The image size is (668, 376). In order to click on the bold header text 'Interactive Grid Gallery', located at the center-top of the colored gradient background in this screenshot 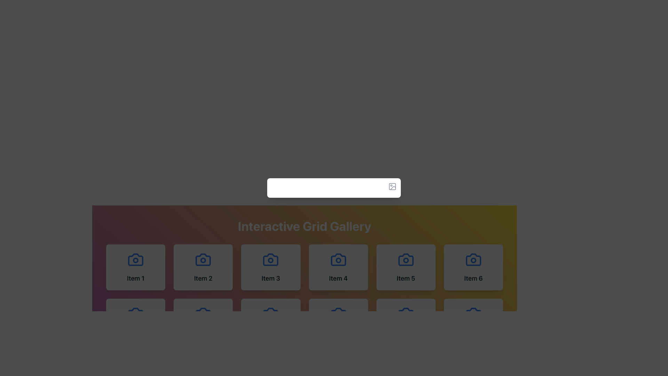, I will do `click(304, 226)`.